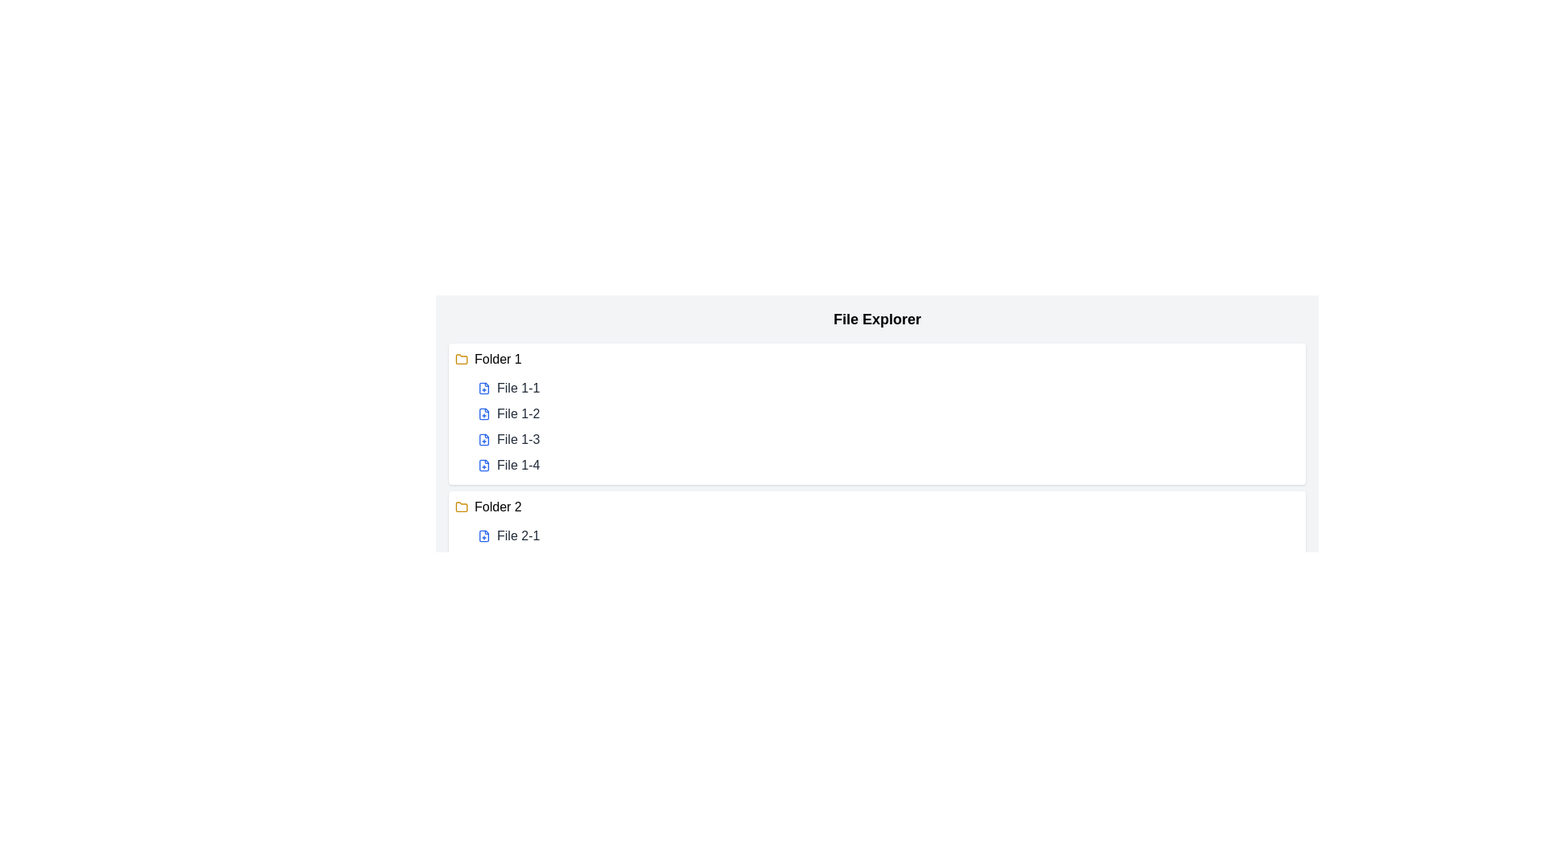 Image resolution: width=1542 pixels, height=867 pixels. Describe the element at coordinates (483, 439) in the screenshot. I see `the file icon labeled 'File 1-3'` at that location.